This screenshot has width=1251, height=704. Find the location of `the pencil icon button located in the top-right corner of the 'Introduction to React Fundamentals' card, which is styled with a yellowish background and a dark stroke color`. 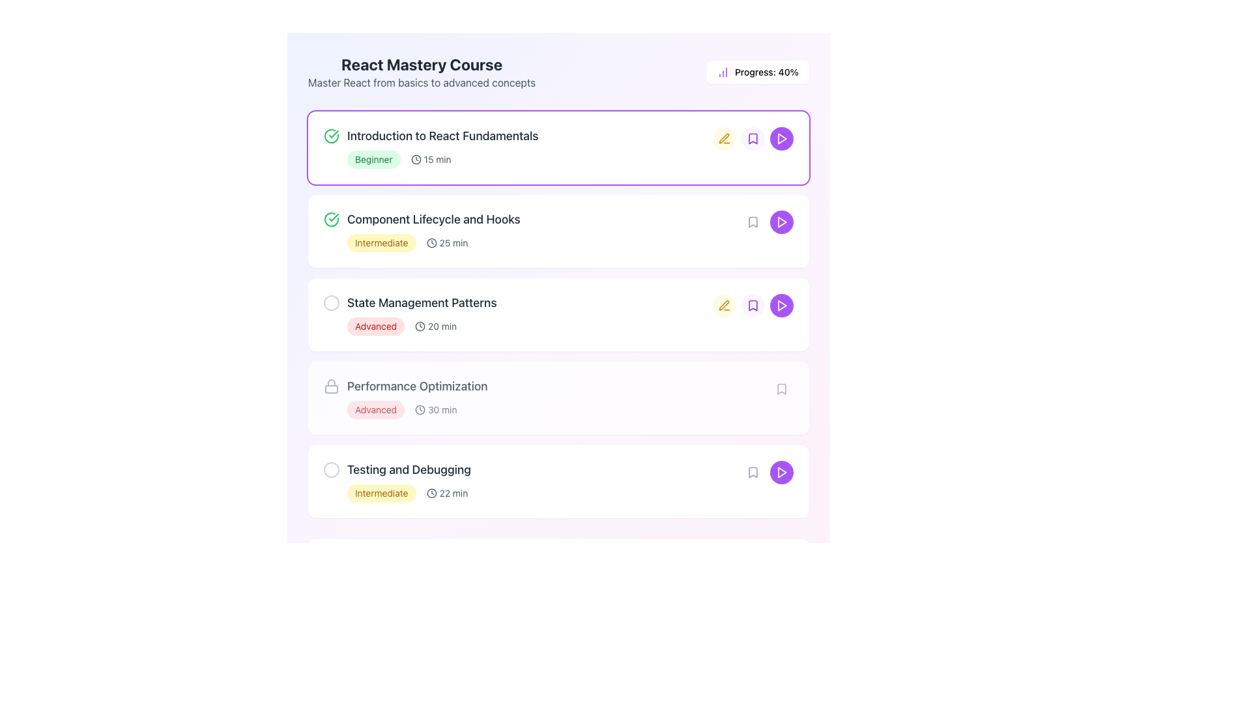

the pencil icon button located in the top-right corner of the 'Introduction to React Fundamentals' card, which is styled with a yellowish background and a dark stroke color is located at coordinates (724, 138).